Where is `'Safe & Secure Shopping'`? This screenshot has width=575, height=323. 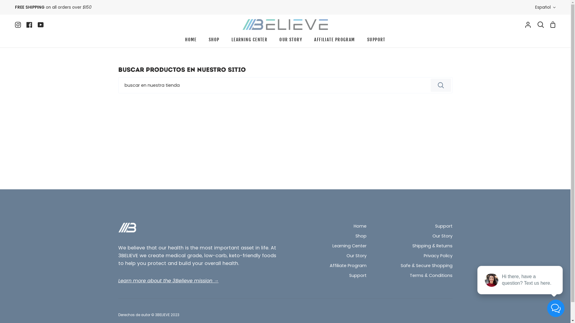
'Safe & Secure Shopping' is located at coordinates (426, 266).